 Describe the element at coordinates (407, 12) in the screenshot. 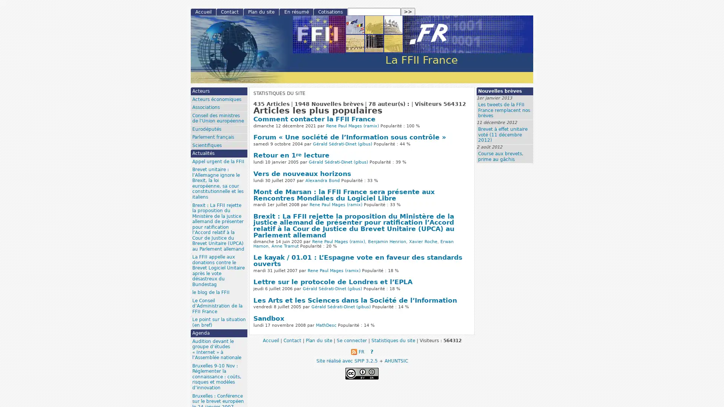

I see `>>` at that location.